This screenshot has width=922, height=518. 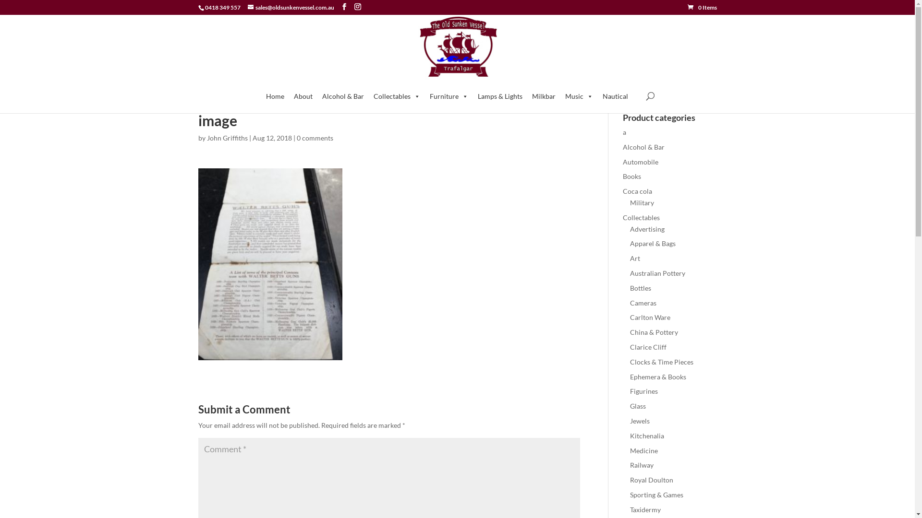 What do you see at coordinates (645, 509) in the screenshot?
I see `'Taxidermy'` at bounding box center [645, 509].